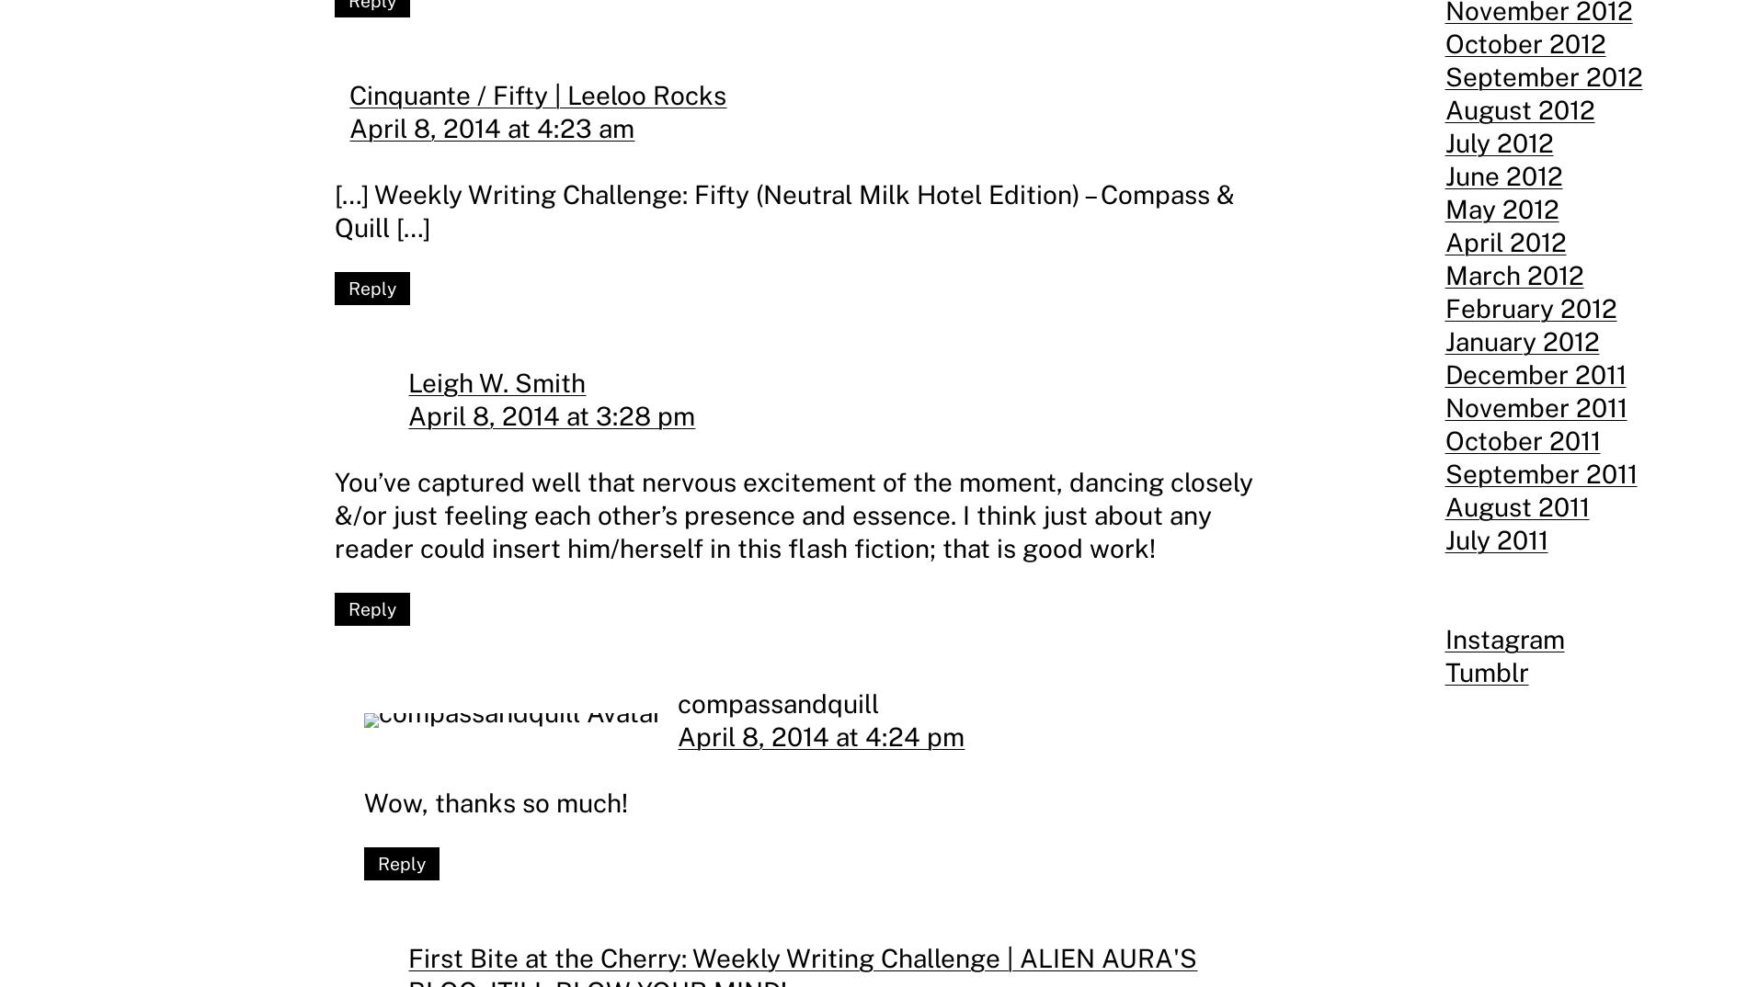 The width and height of the screenshot is (1747, 987). Describe the element at coordinates (1504, 638) in the screenshot. I see `'Instagram'` at that location.